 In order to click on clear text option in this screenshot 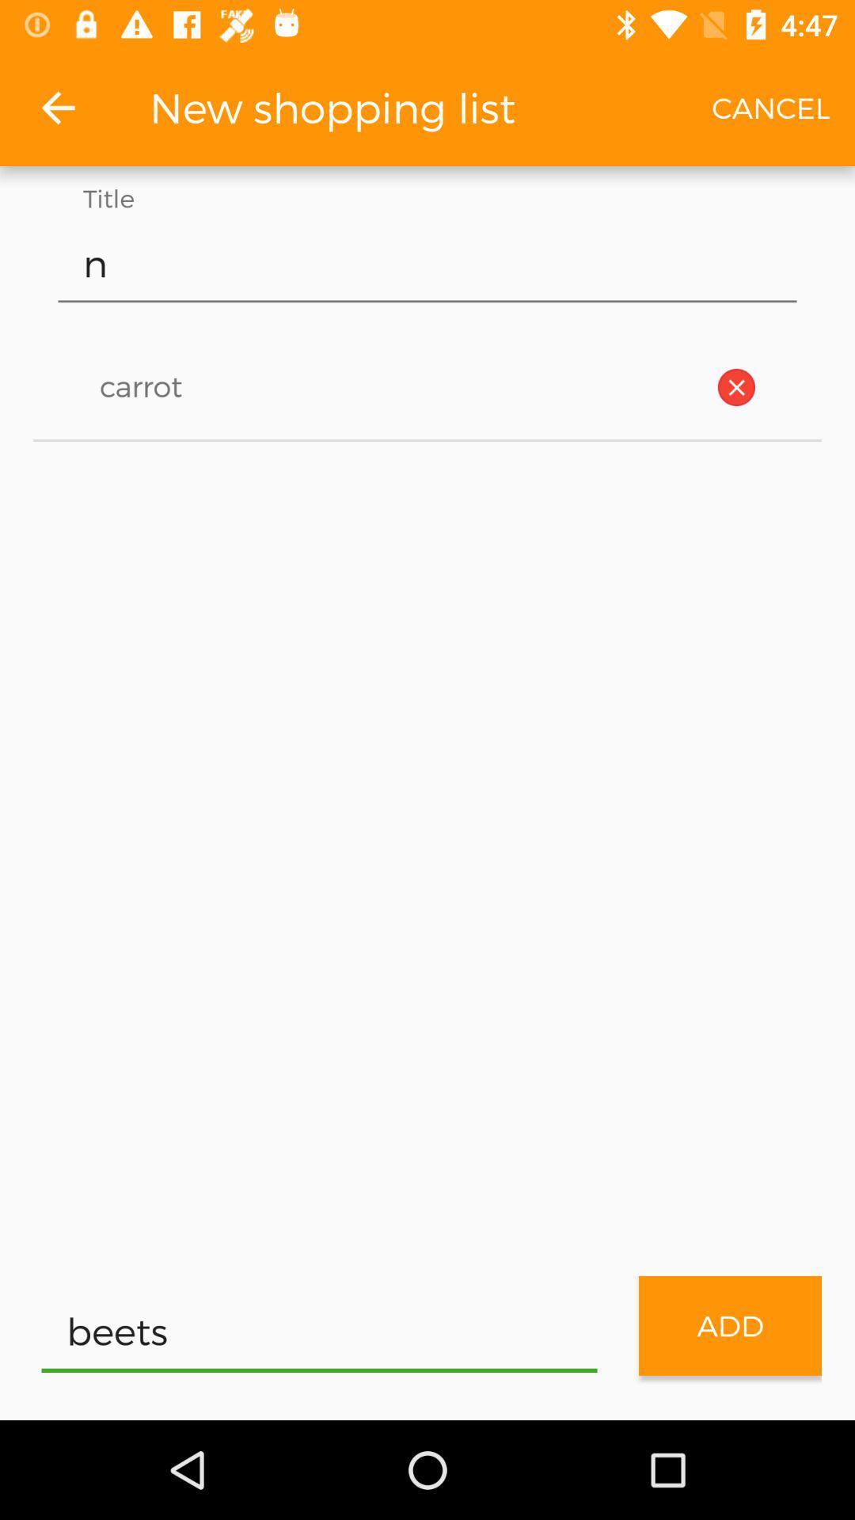, I will do `click(736, 387)`.